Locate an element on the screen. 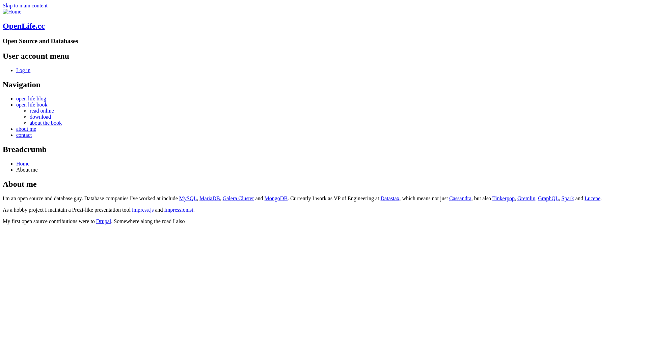 The height and width of the screenshot is (364, 648). 'Skip to main content' is located at coordinates (3, 5).